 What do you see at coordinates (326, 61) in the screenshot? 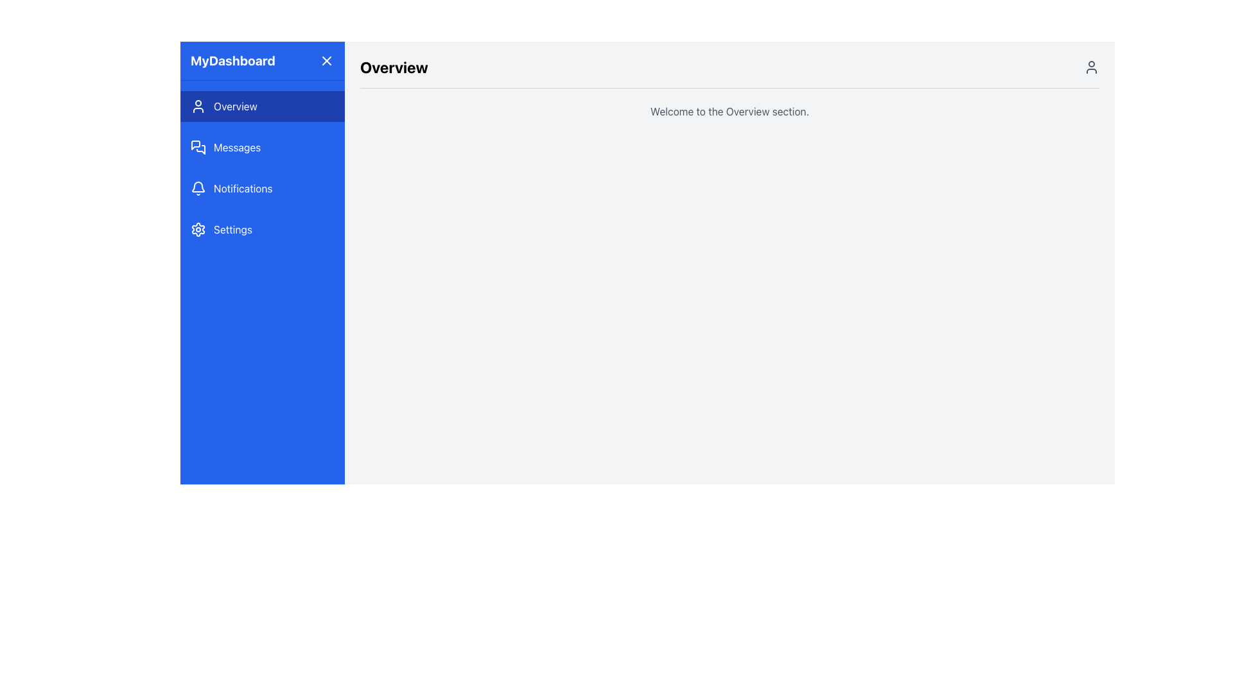
I see `the diagonal cross (X) icon located in the sidebar header next to the 'MyDashboard' text` at bounding box center [326, 61].